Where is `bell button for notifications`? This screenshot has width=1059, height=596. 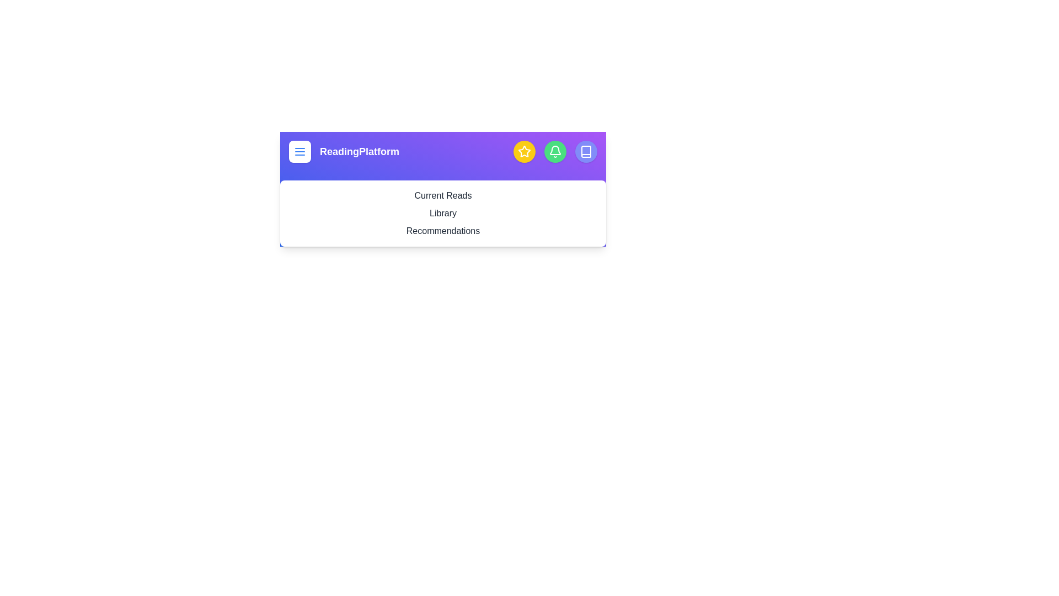 bell button for notifications is located at coordinates (555, 151).